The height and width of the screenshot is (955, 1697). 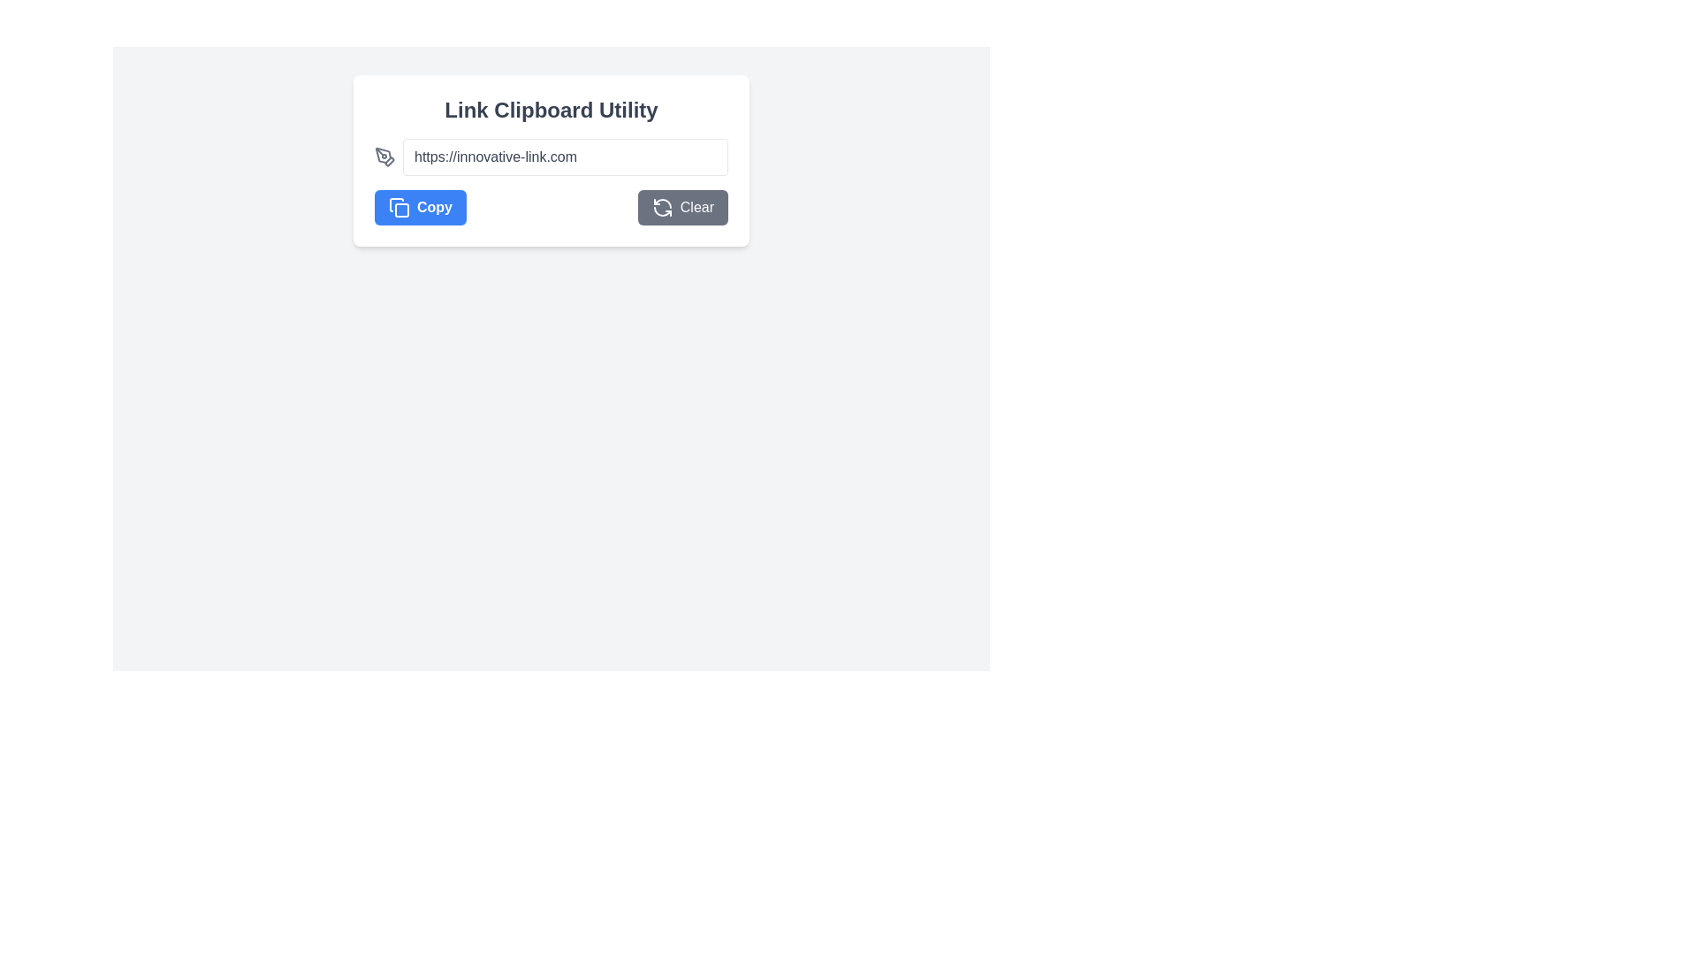 I want to click on the pen or drawing tool icon, which is a grayish outlined graphic located at the top left of the input field within the 'Link Clipboard Utility' card interface, so click(x=382, y=155).